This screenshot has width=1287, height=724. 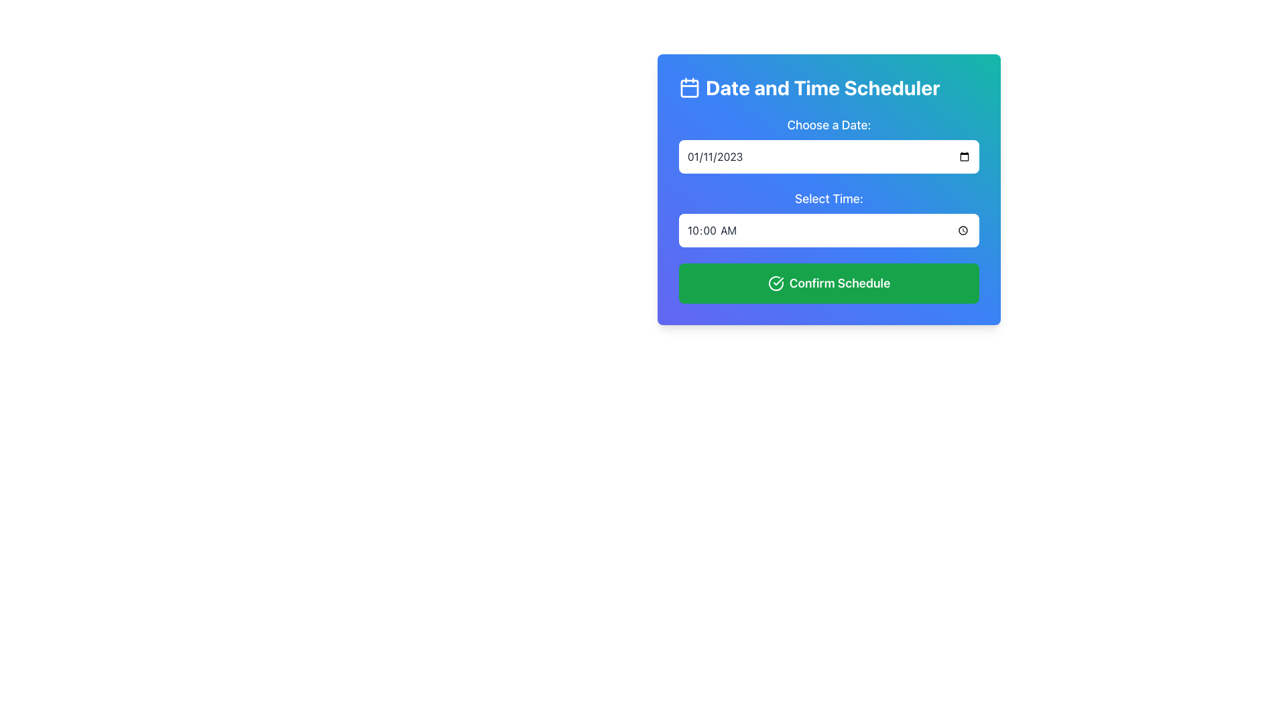 I want to click on the blue square calendar icon, which is the main body of the calendar icon located at the top-left corner of the 'Date and Time Scheduler' form header, so click(x=689, y=88).